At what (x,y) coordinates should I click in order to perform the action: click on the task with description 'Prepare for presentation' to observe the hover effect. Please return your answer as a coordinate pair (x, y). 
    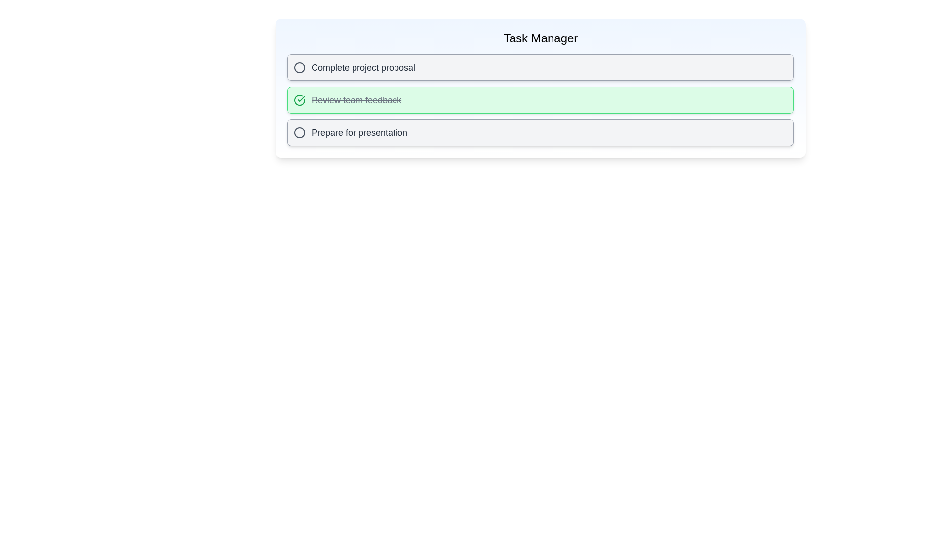
    Looking at the image, I should click on (540, 132).